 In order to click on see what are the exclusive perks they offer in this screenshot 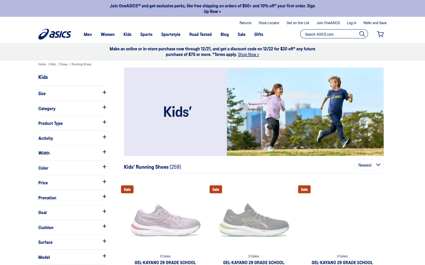, I will do `click(212, 8)`.